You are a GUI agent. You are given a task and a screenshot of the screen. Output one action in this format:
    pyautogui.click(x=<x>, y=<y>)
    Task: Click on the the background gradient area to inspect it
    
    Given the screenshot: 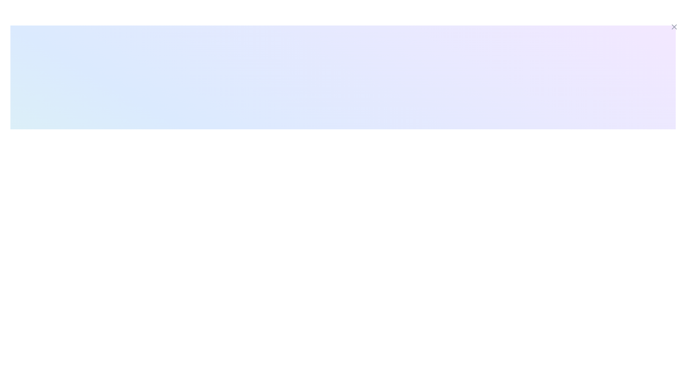 What is the action you would take?
    pyautogui.click(x=342, y=219)
    